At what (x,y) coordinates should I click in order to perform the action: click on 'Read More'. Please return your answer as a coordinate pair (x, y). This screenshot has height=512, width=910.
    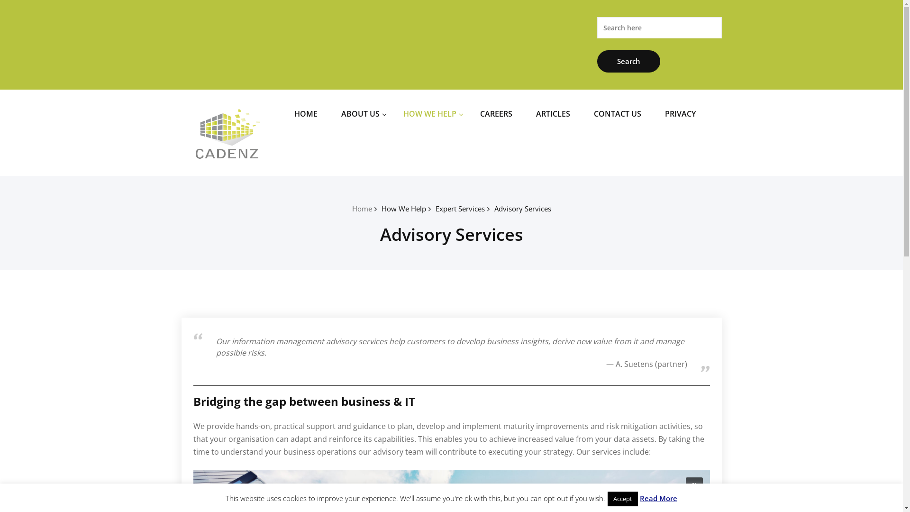
    Looking at the image, I should click on (658, 497).